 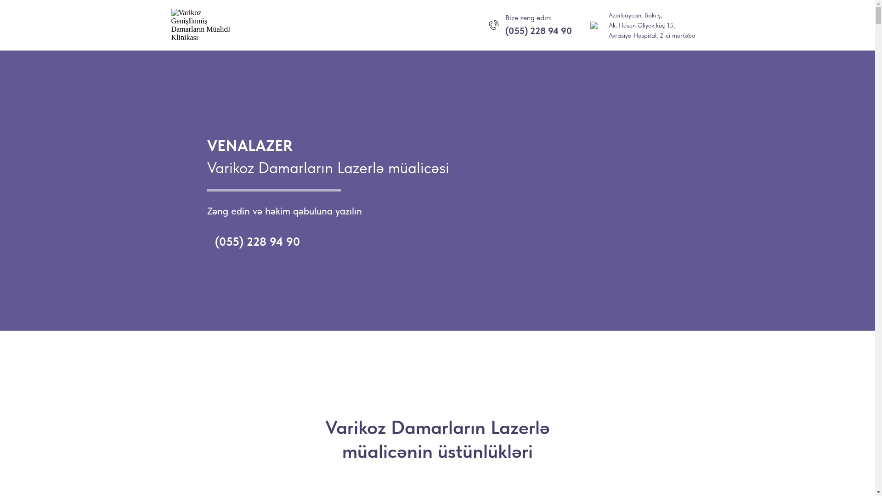 I want to click on '(055) 228 94 90', so click(x=257, y=241).